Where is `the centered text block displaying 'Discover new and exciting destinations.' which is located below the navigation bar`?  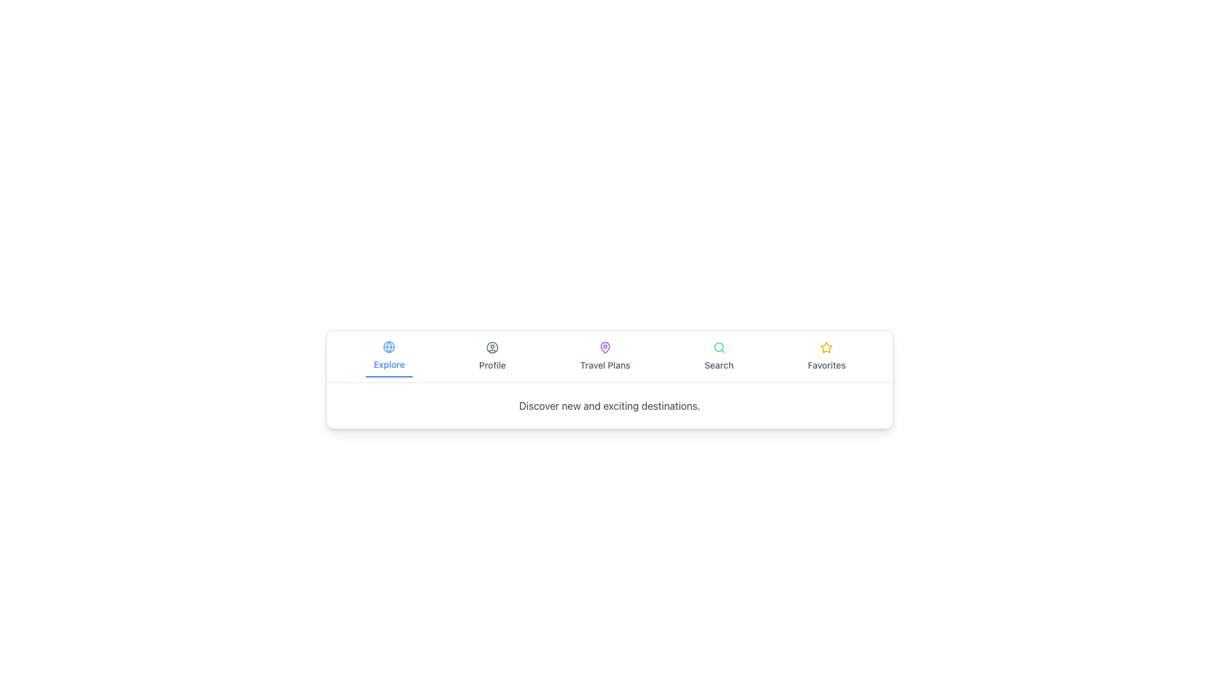 the centered text block displaying 'Discover new and exciting destinations.' which is located below the navigation bar is located at coordinates (609, 405).